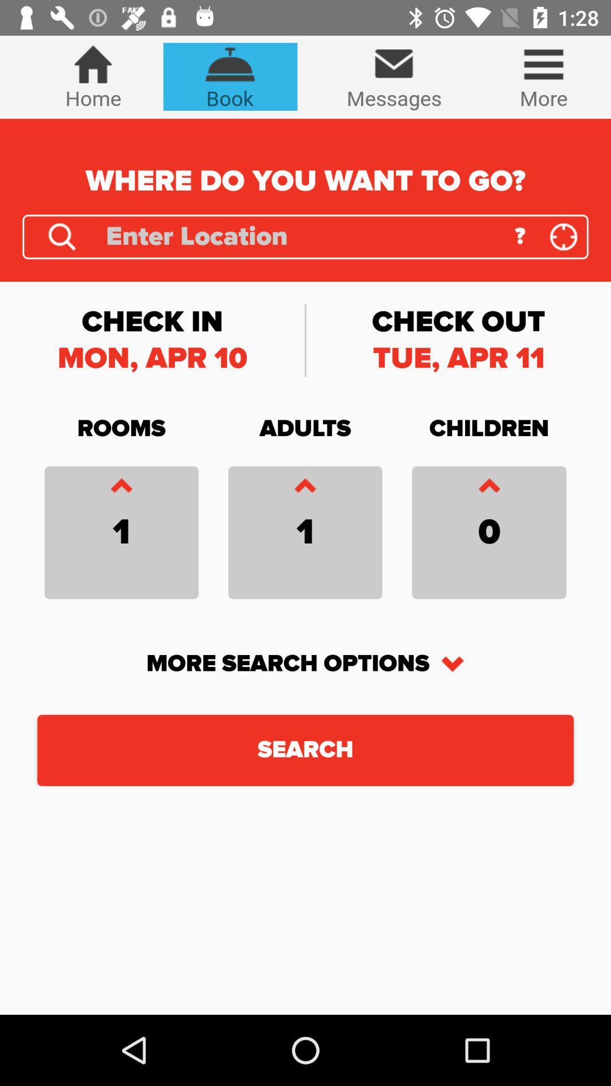 This screenshot has height=1086, width=611. I want to click on increase, so click(121, 488).